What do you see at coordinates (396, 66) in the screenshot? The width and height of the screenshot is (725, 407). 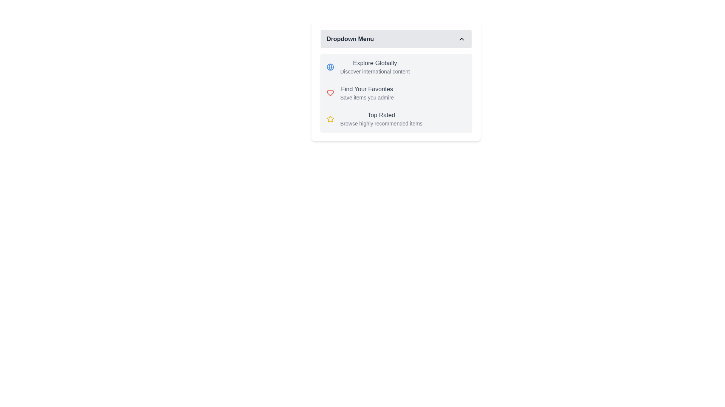 I see `the 'Explore Globally' menu item, which features a blue globe icon and is the first item` at bounding box center [396, 66].